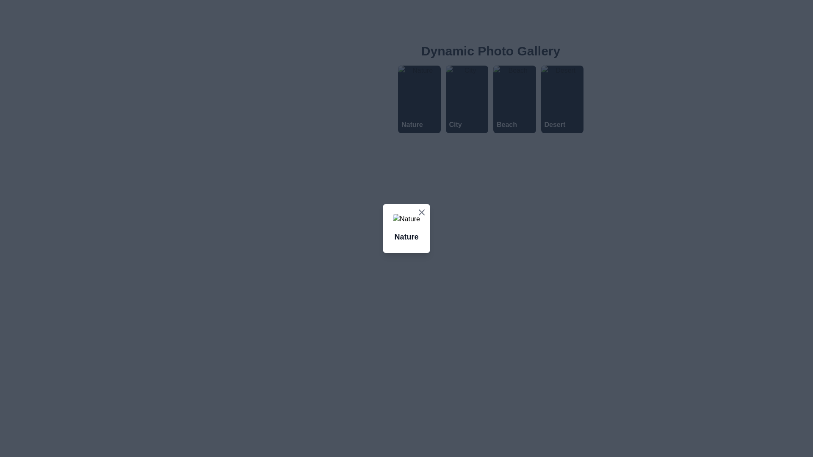 This screenshot has height=457, width=813. I want to click on the close button located in the top-right corner of the 'Nature' card, so click(422, 212).